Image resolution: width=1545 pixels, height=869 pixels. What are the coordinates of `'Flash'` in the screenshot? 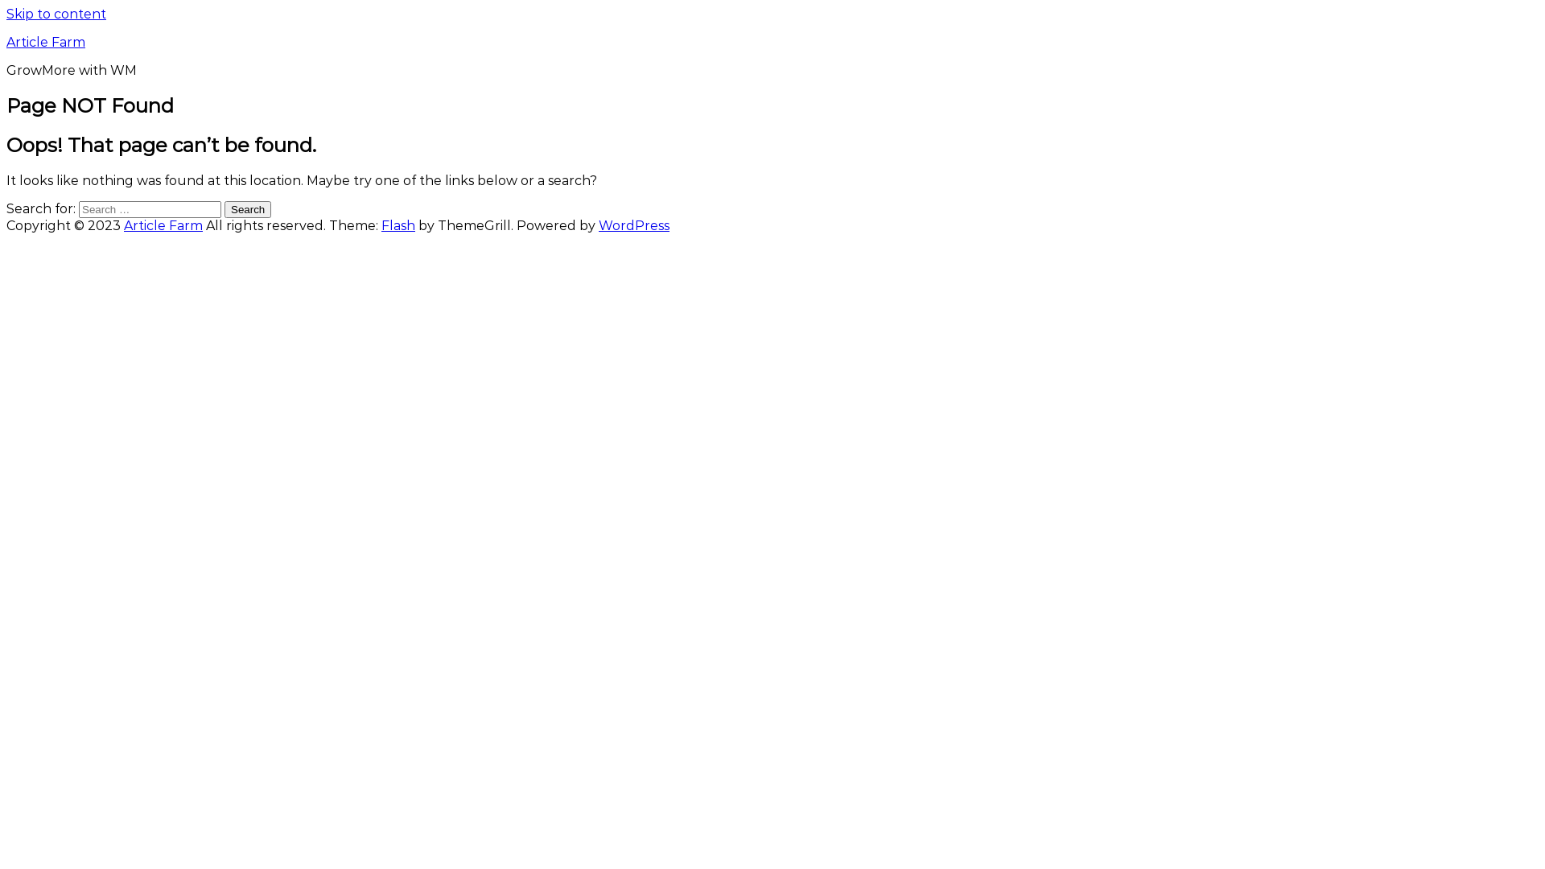 It's located at (398, 225).